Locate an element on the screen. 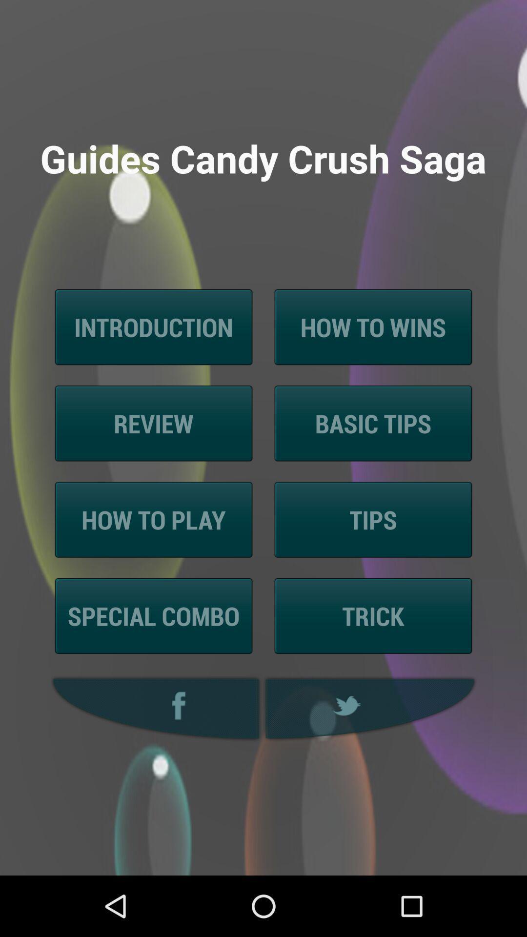 Image resolution: width=527 pixels, height=937 pixels. item next to trick item is located at coordinates (154, 615).